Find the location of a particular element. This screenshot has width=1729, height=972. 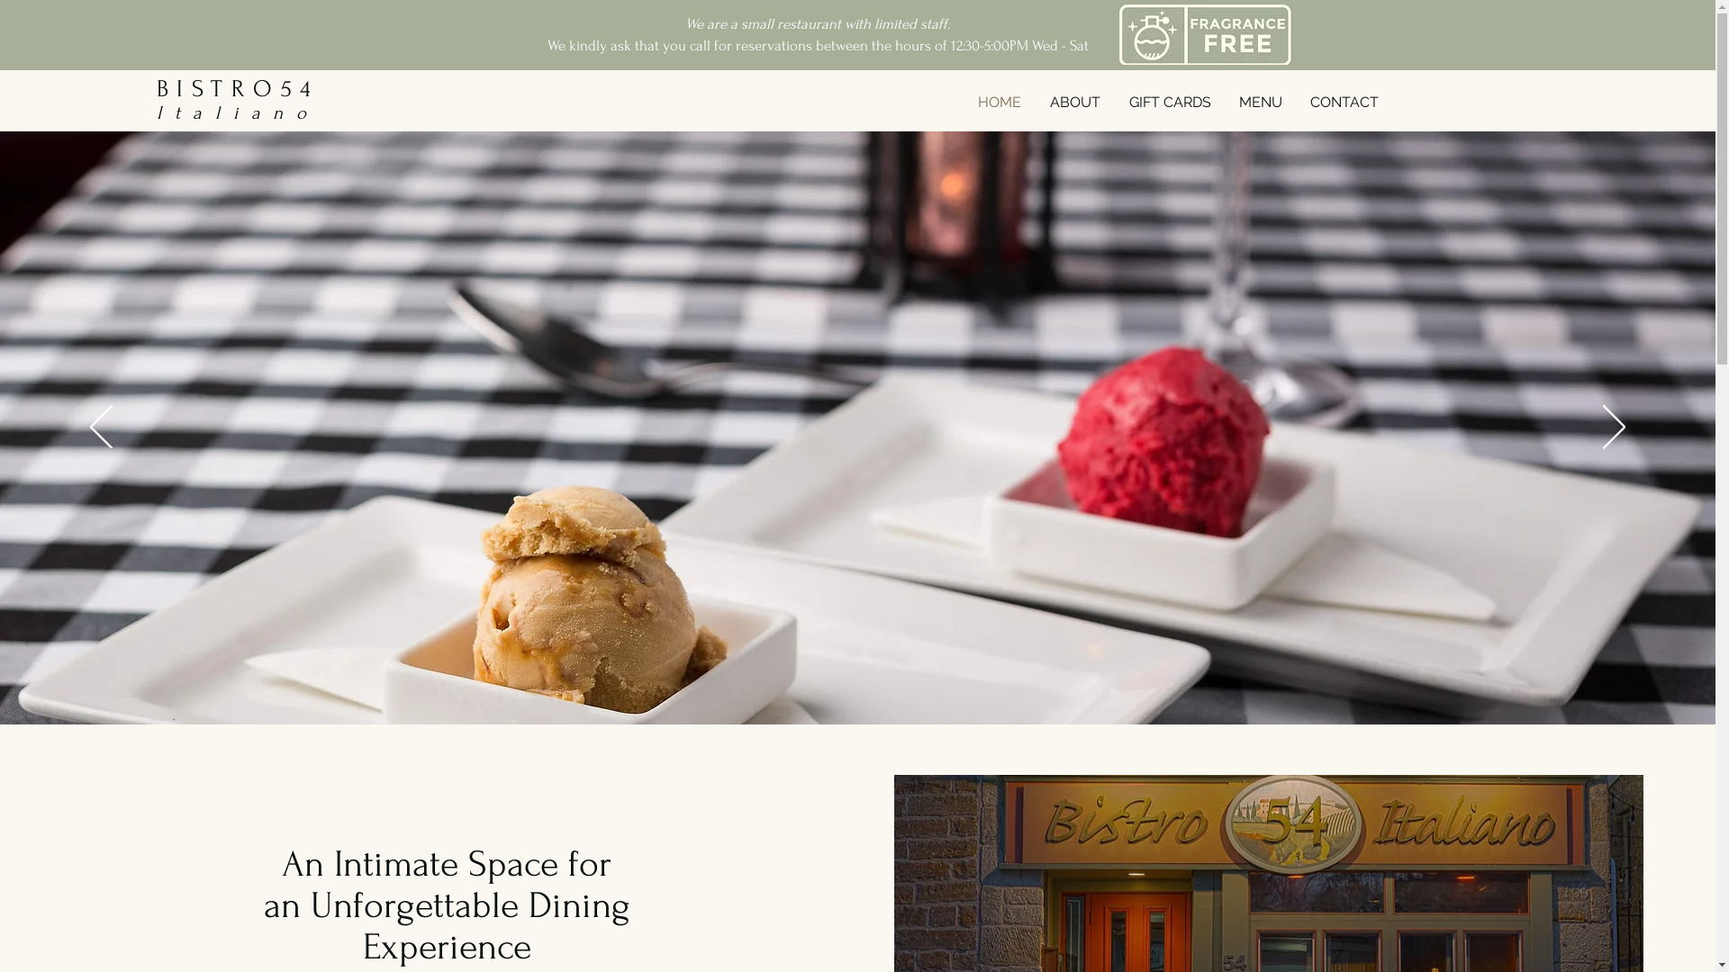

'Italiano' is located at coordinates (237, 112).